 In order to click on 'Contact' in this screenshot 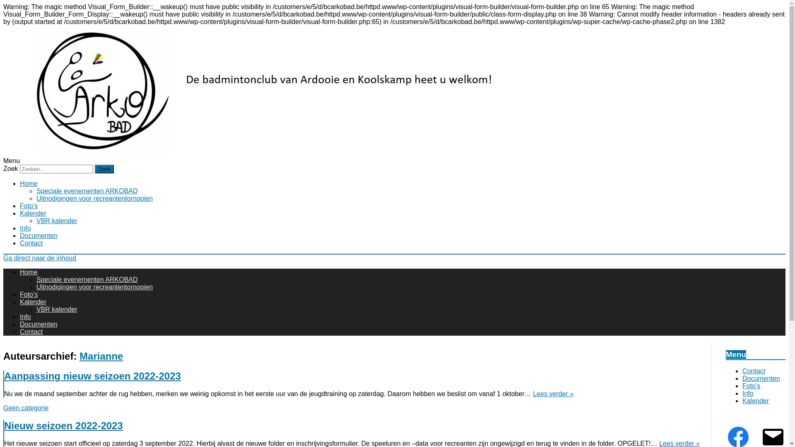, I will do `click(31, 243)`.